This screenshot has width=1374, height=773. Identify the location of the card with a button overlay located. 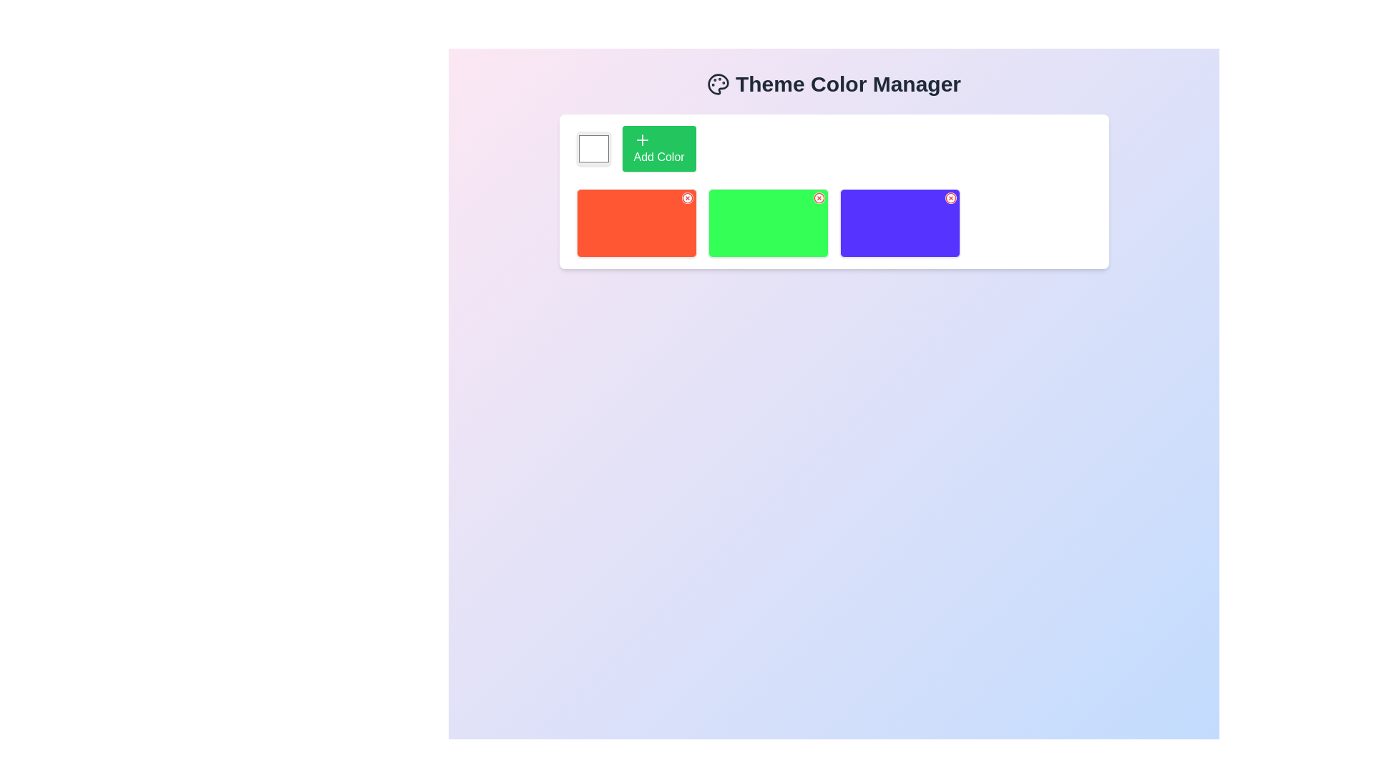
(899, 223).